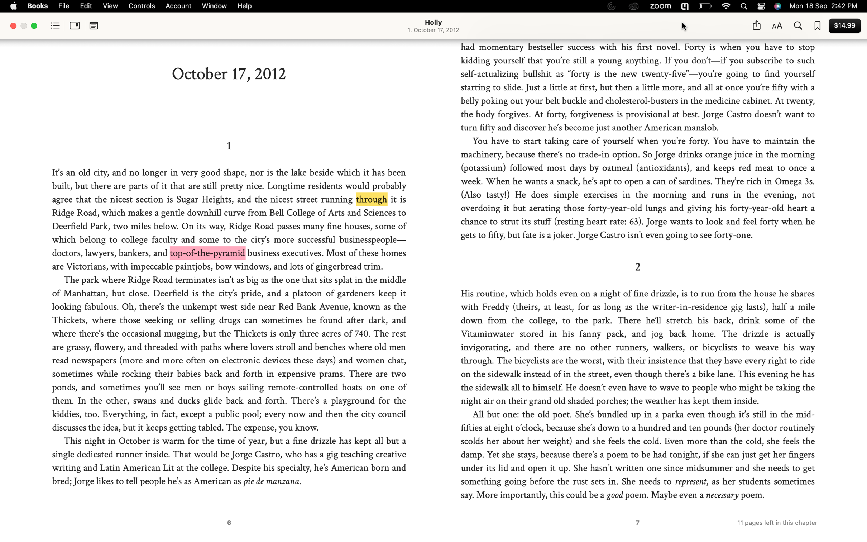 This screenshot has width=867, height=542. Describe the element at coordinates (818, 26) in the screenshot. I see `Add the current site to bookmarks and view entire bookmarked sites list` at that location.